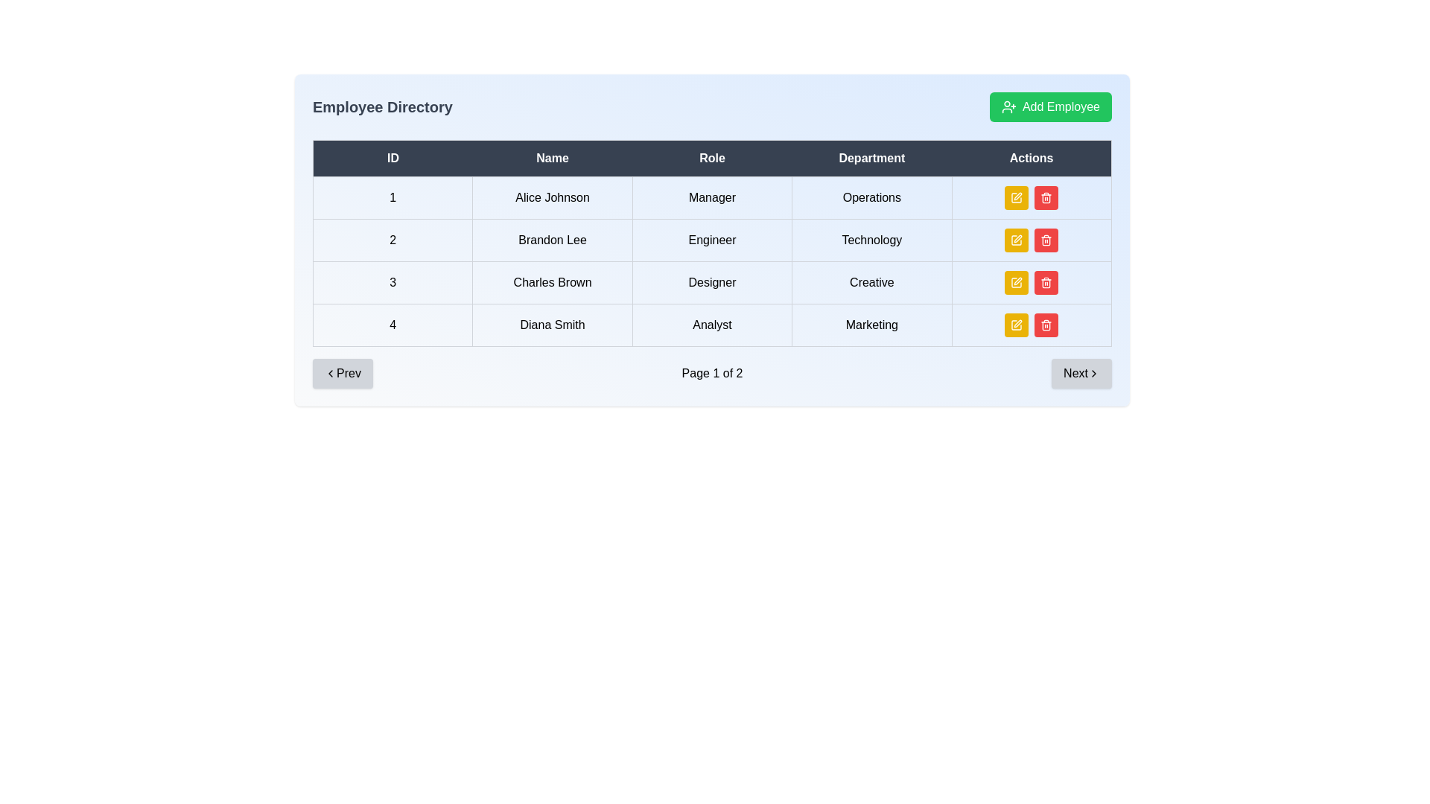  What do you see at coordinates (1016, 240) in the screenshot?
I see `the edit button icon in the second row of the 'Actions' column to initiate the edit function` at bounding box center [1016, 240].